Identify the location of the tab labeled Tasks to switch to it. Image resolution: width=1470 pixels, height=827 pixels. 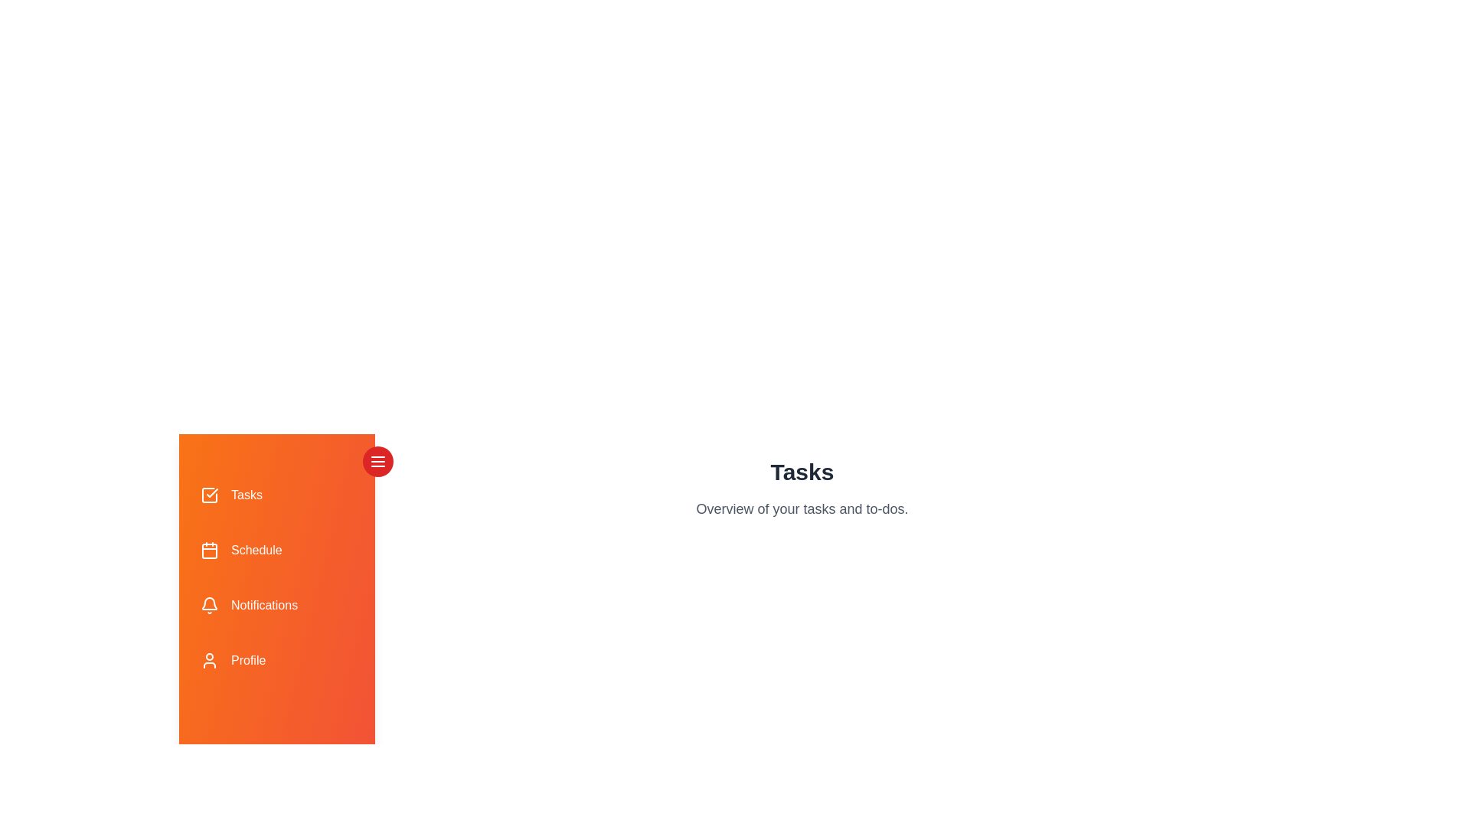
(276, 495).